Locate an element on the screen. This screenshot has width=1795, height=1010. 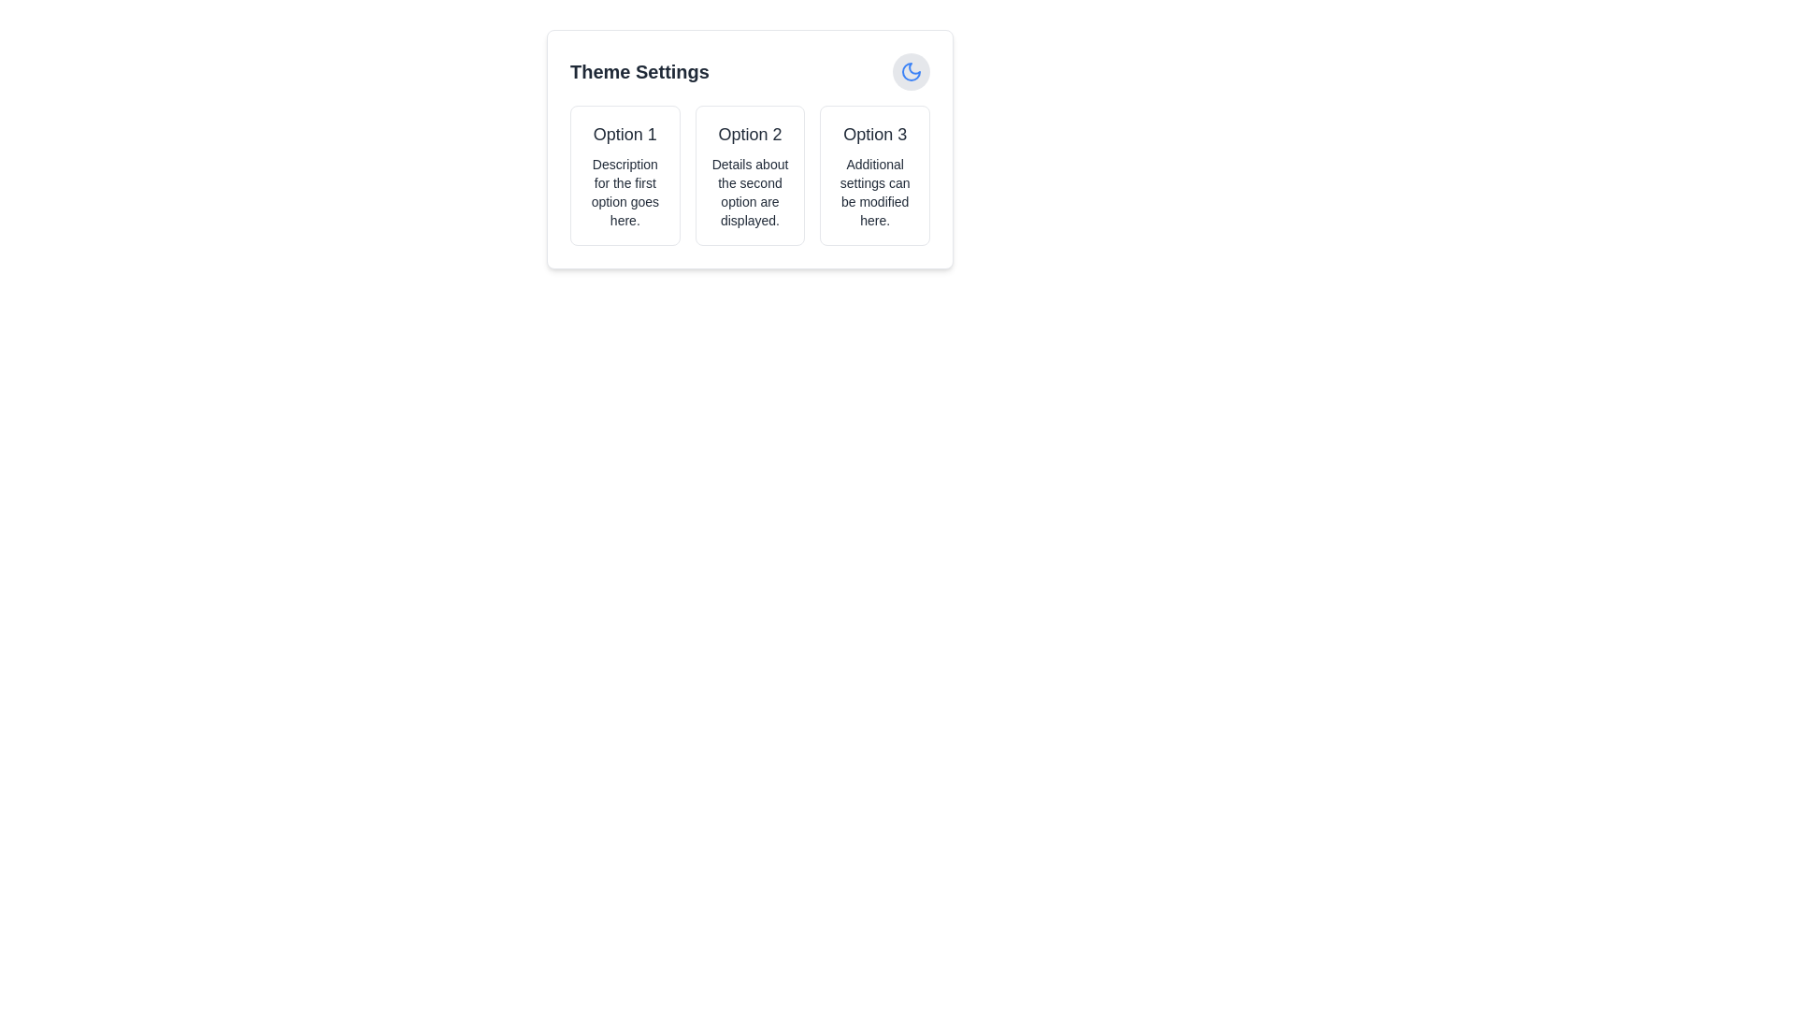
the card element titled 'Option 2' which features a bold title and a description about the second option, located in the 'Theme Settings' section is located at coordinates (750, 176).